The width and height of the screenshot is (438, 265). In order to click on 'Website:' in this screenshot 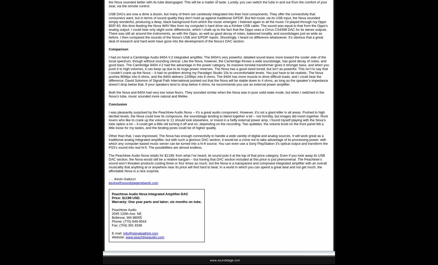, I will do `click(119, 237)`.